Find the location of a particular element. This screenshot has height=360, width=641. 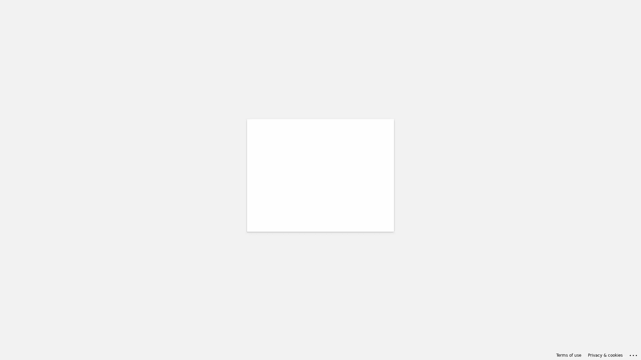

Click here for troubleshooting information is located at coordinates (633, 354).